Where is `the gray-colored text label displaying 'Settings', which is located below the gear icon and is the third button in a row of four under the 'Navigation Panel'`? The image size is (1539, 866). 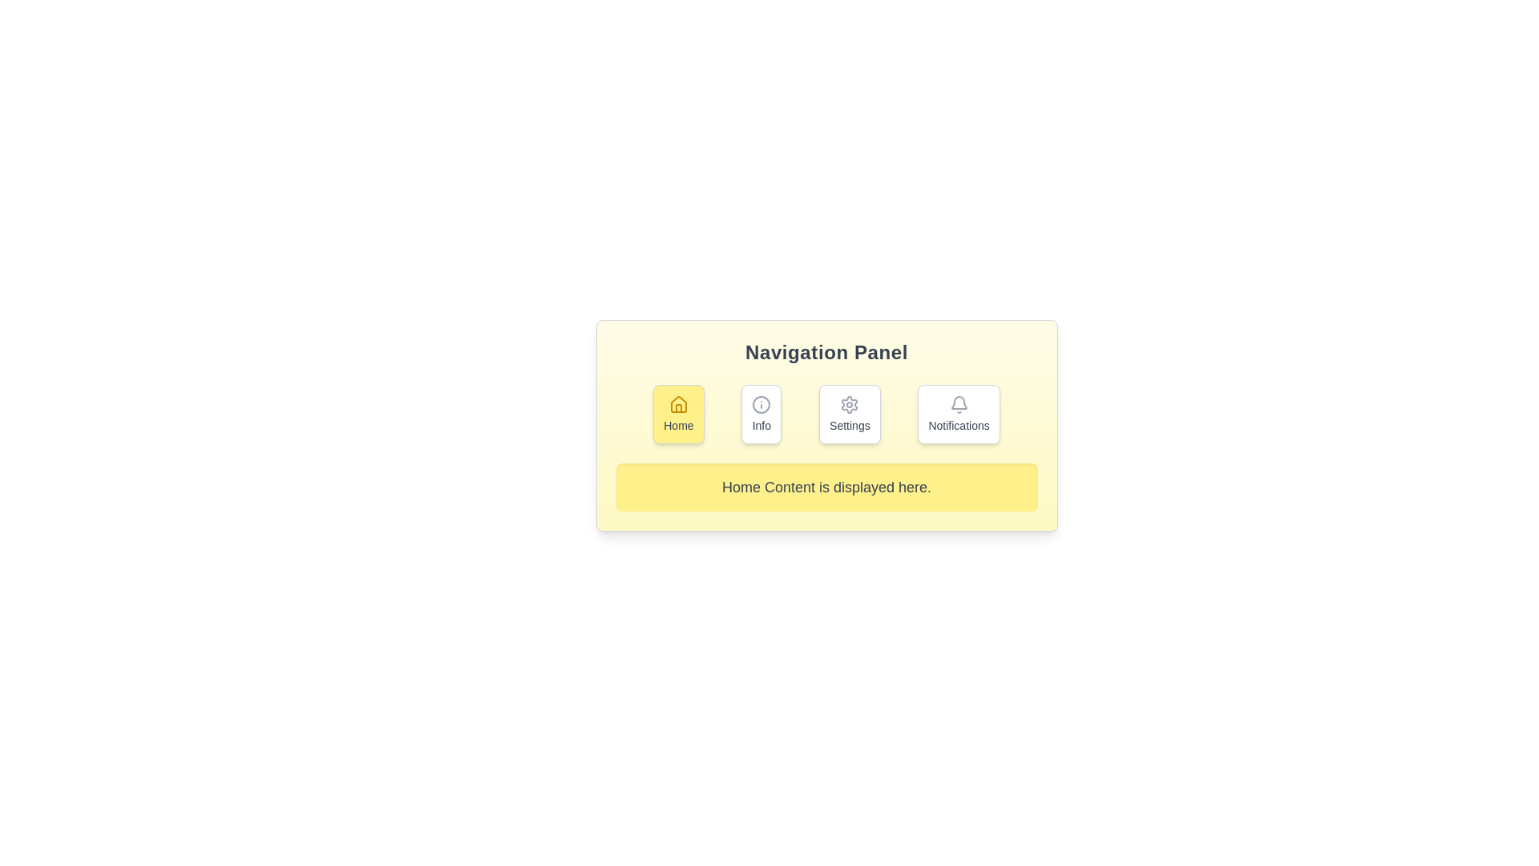
the gray-colored text label displaying 'Settings', which is located below the gear icon and is the third button in a row of four under the 'Navigation Panel' is located at coordinates (849, 425).